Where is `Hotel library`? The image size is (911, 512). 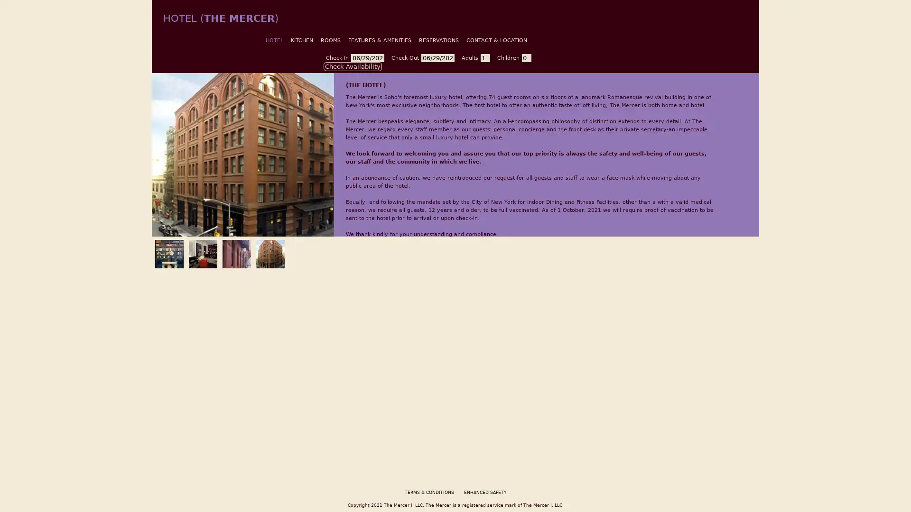 Hotel library is located at coordinates (167, 252).